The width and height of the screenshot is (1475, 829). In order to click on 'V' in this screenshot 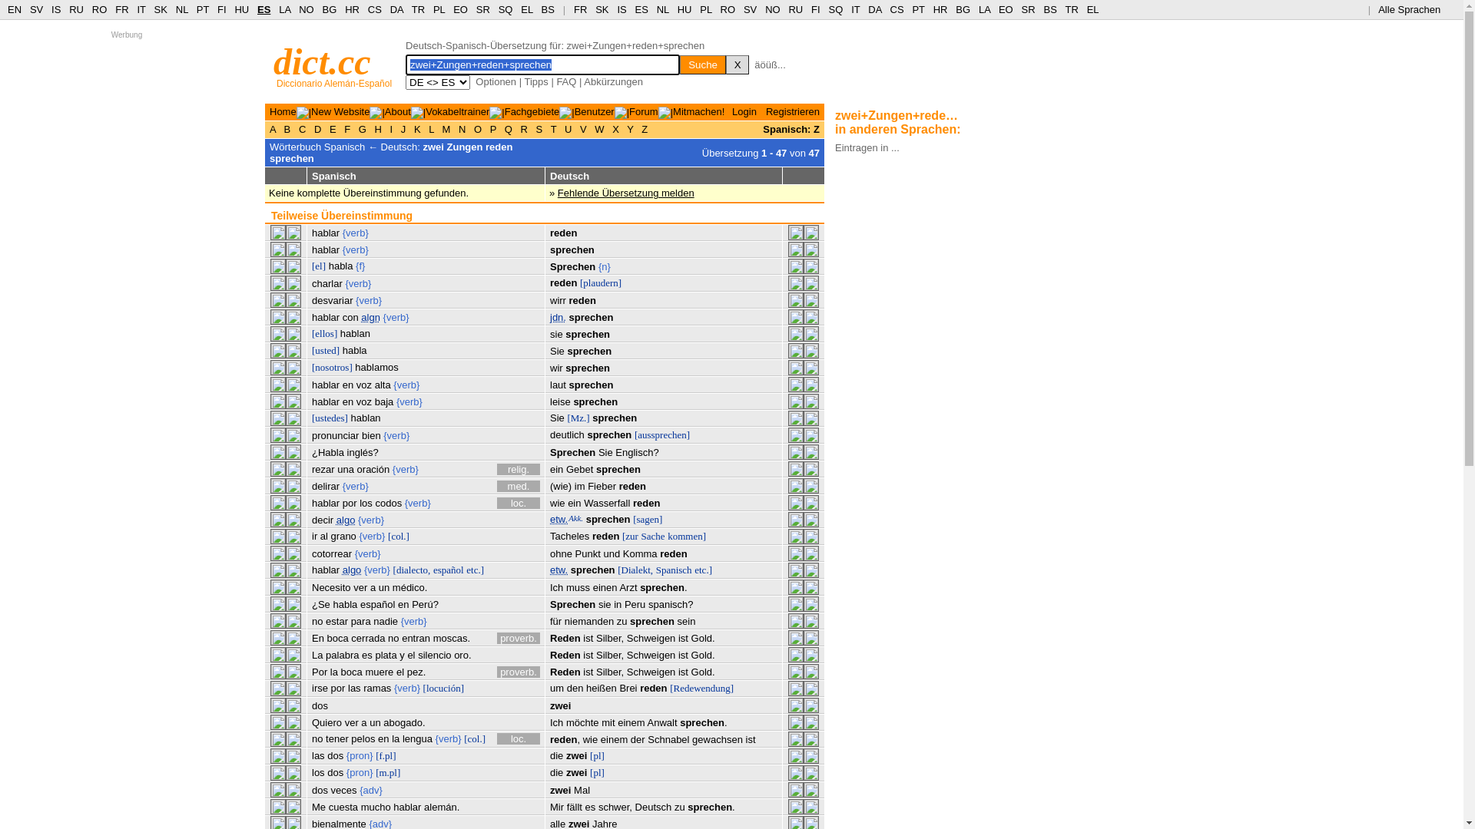, I will do `click(575, 128)`.